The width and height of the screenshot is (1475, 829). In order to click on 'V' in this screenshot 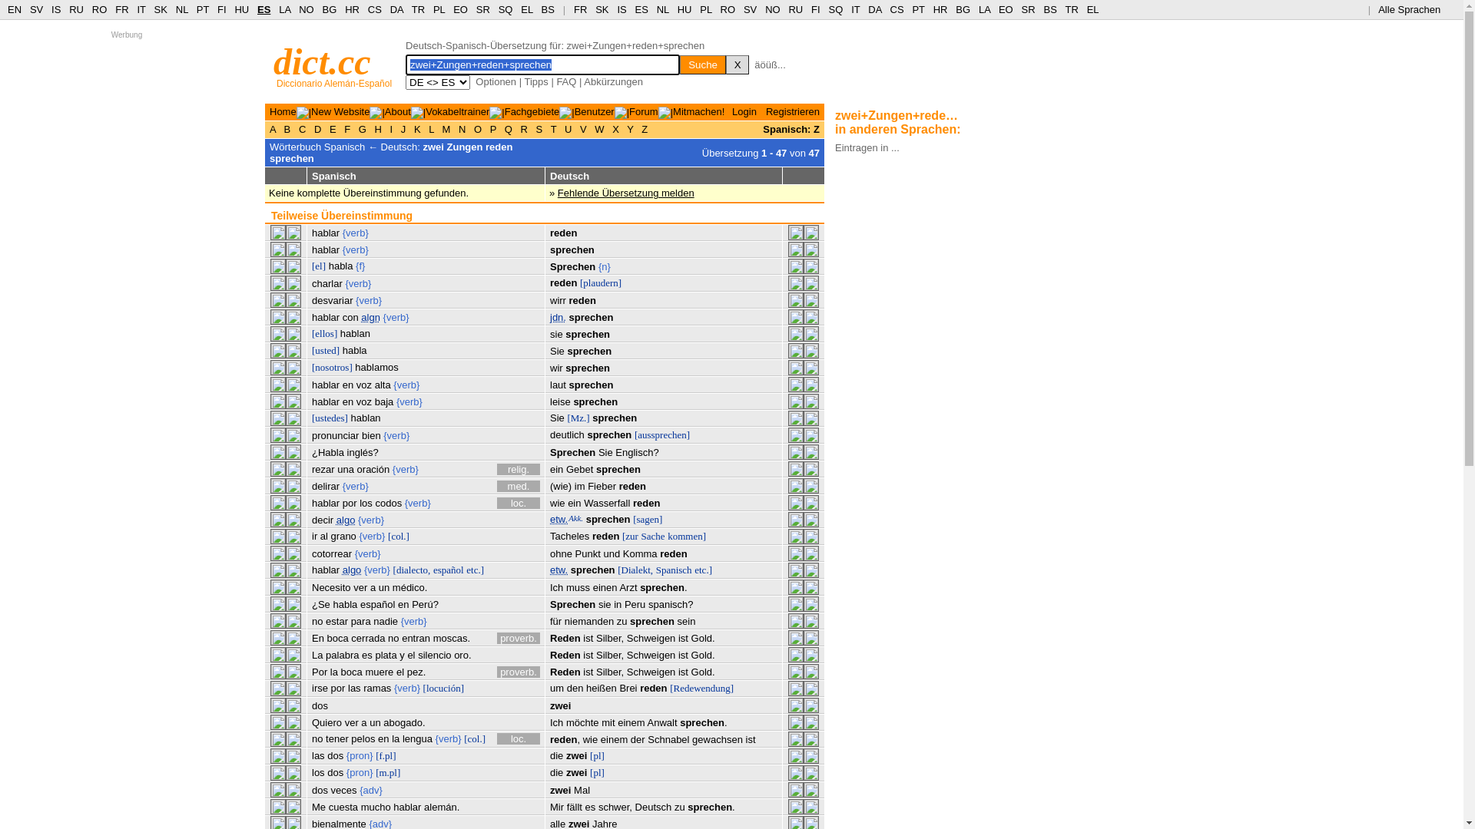, I will do `click(575, 128)`.